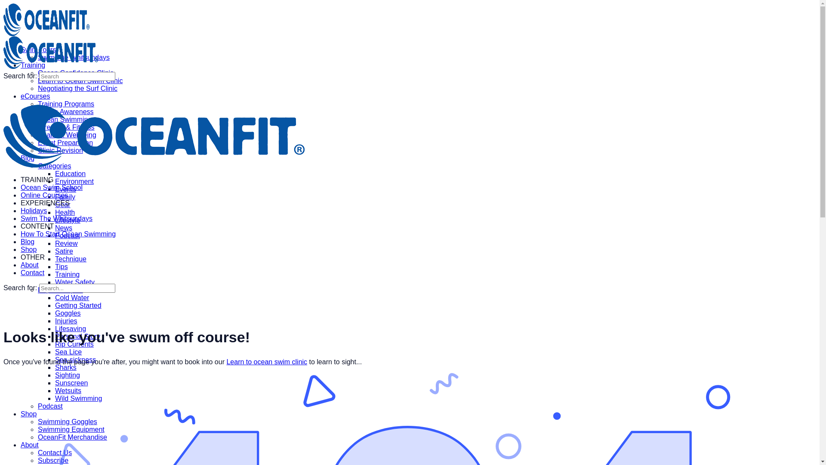 This screenshot has width=826, height=465. What do you see at coordinates (266, 362) in the screenshot?
I see `'Learn to ocean swim clinic'` at bounding box center [266, 362].